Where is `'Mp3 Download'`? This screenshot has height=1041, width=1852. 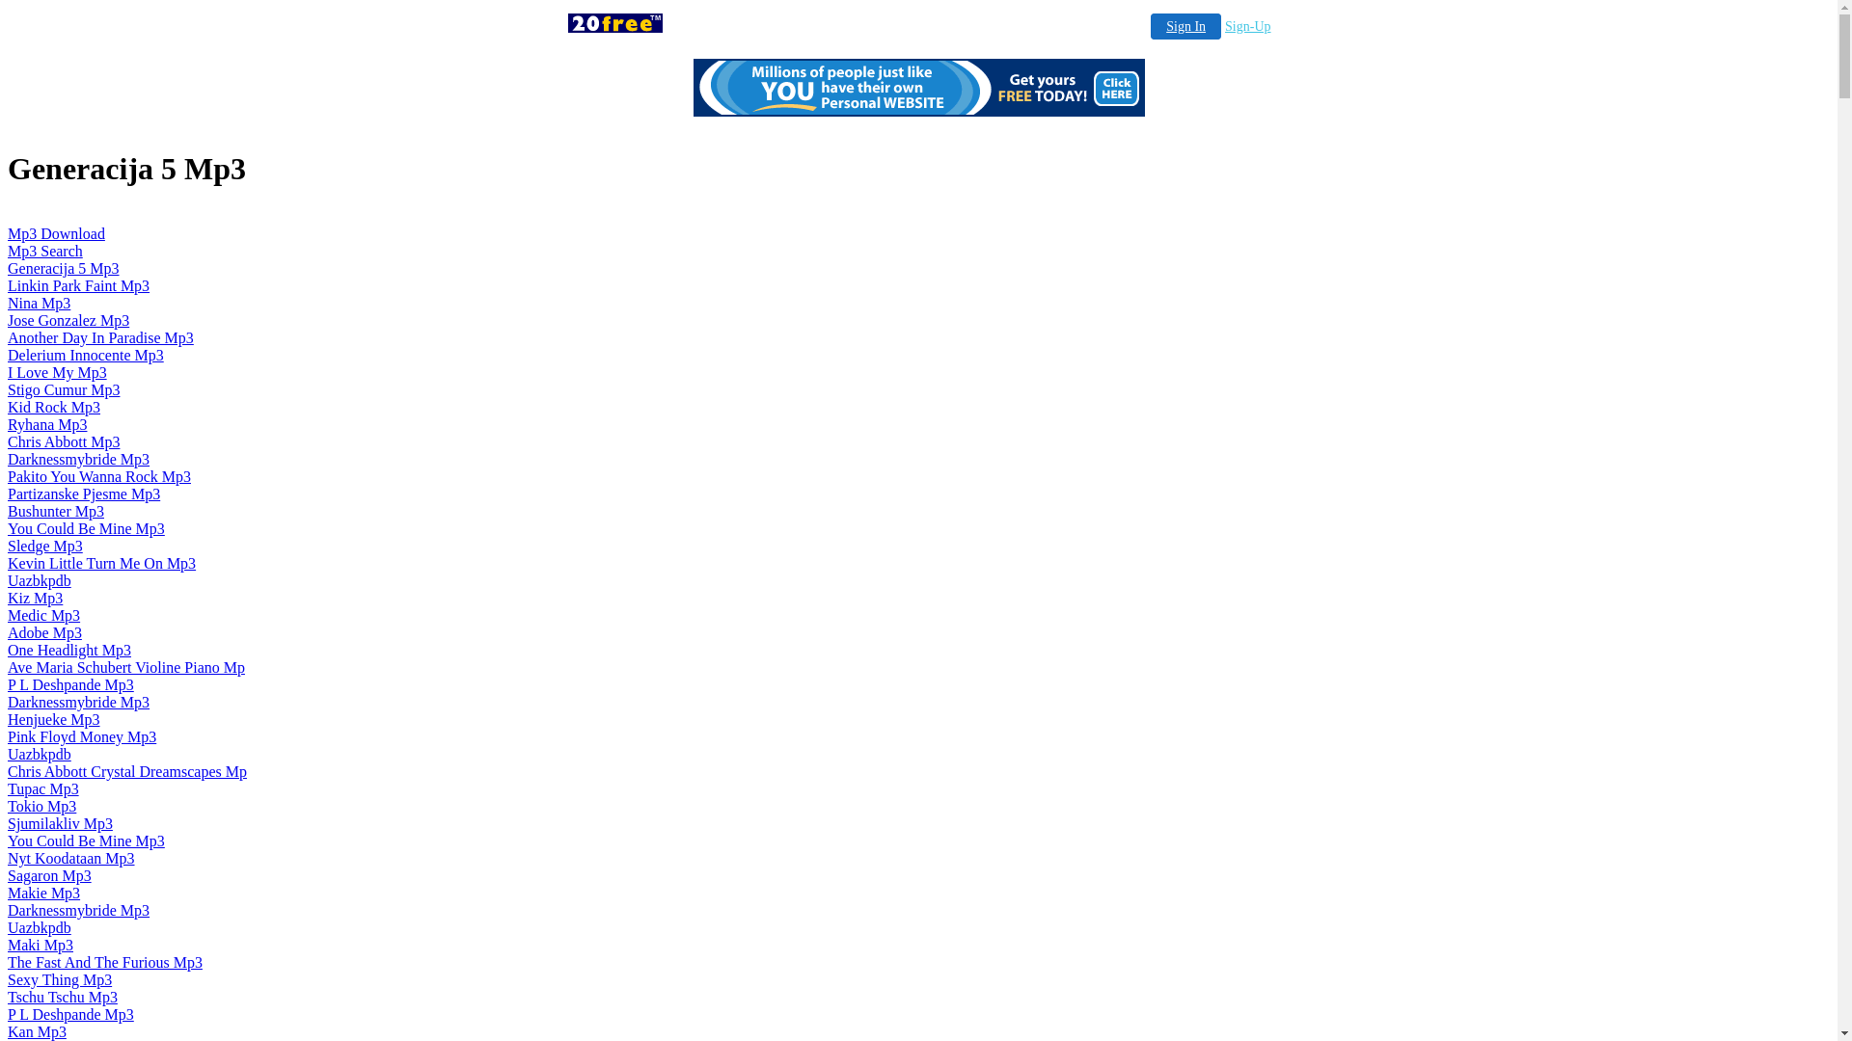
'Mp3 Download' is located at coordinates (56, 232).